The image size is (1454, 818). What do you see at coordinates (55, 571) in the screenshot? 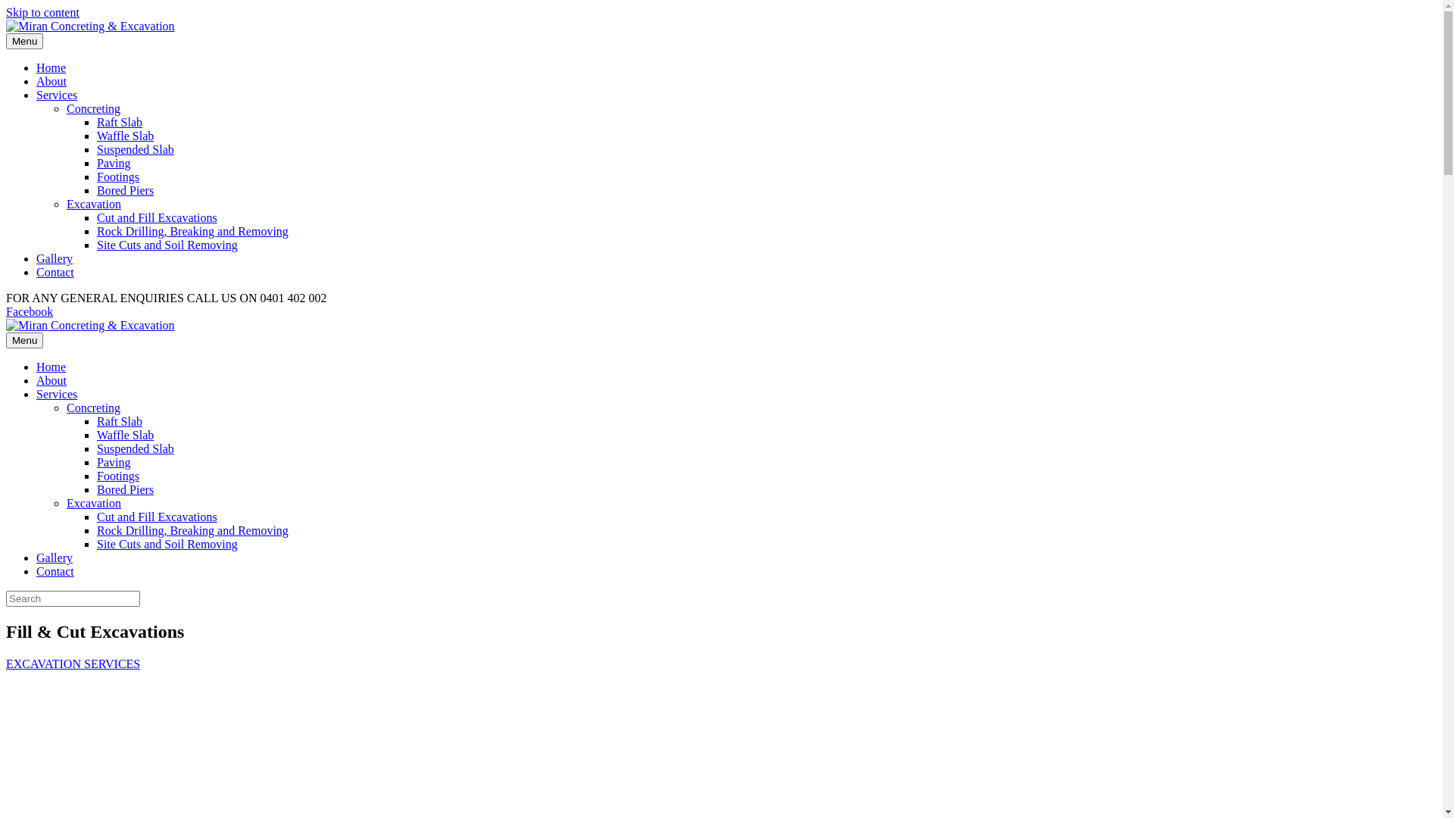
I see `'Contact'` at bounding box center [55, 571].